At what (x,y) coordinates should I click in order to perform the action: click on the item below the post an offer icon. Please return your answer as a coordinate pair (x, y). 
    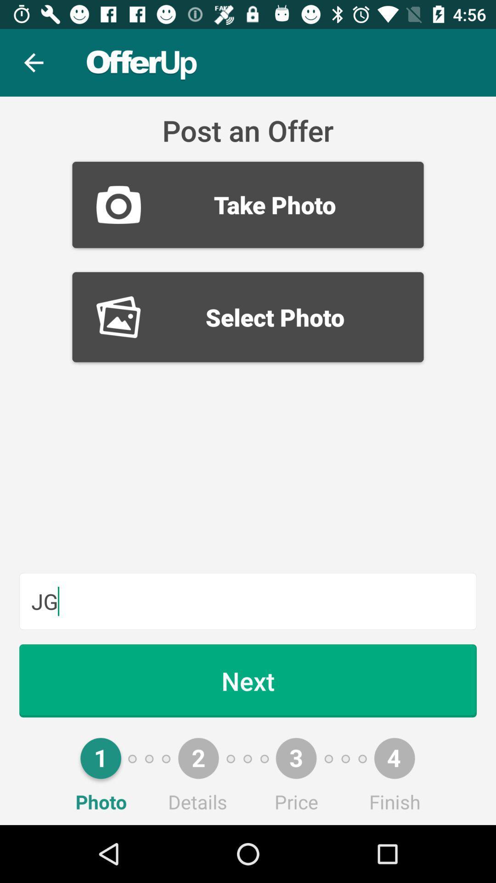
    Looking at the image, I should click on (248, 204).